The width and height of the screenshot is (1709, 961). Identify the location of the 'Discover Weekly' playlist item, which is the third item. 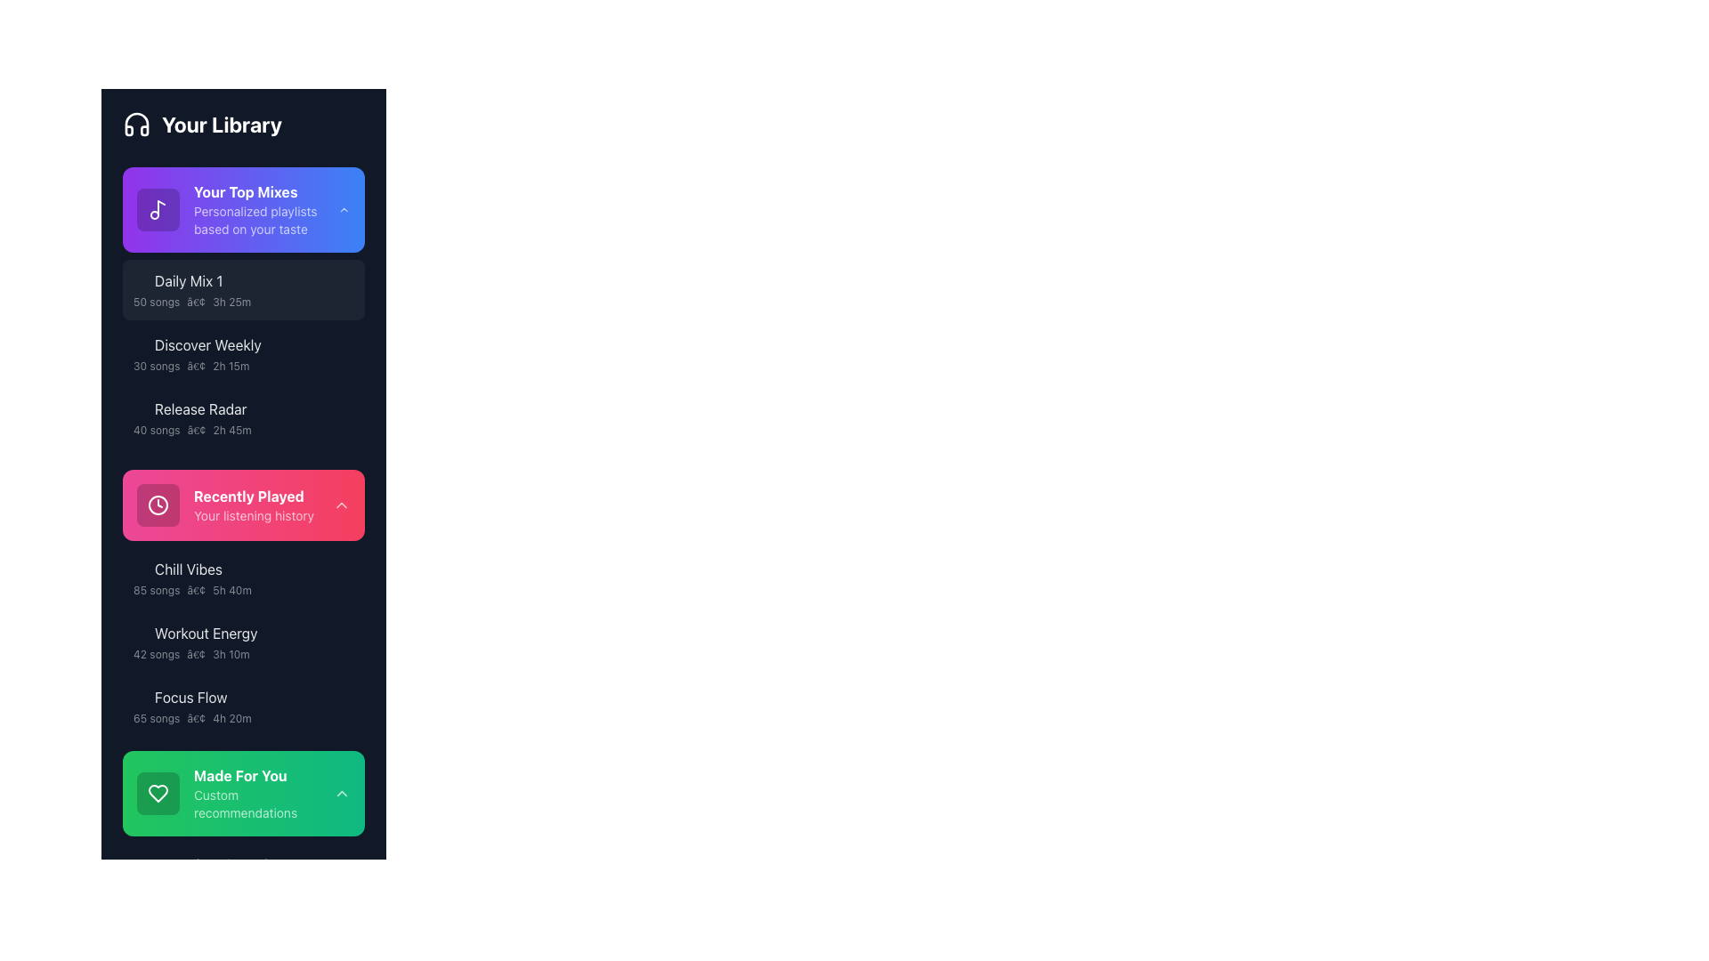
(234, 353).